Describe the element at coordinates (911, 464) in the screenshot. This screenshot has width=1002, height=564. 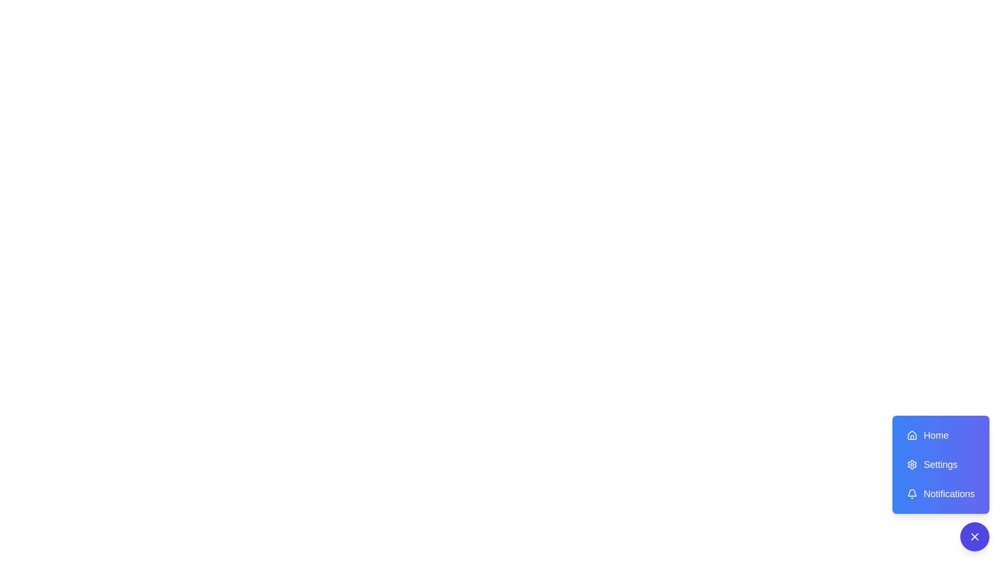
I see `the settings icon, represented by a gear symbol` at that location.